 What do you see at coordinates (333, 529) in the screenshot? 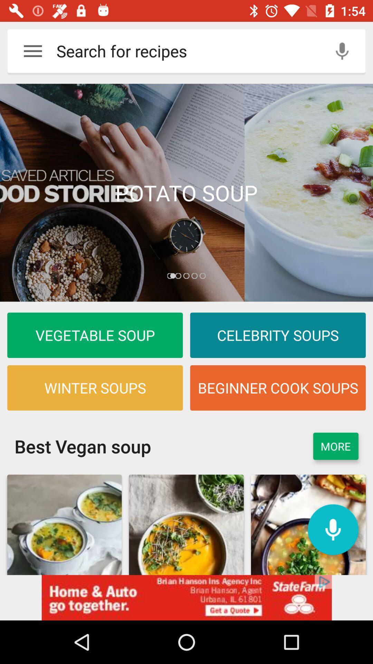
I see `record voice` at bounding box center [333, 529].